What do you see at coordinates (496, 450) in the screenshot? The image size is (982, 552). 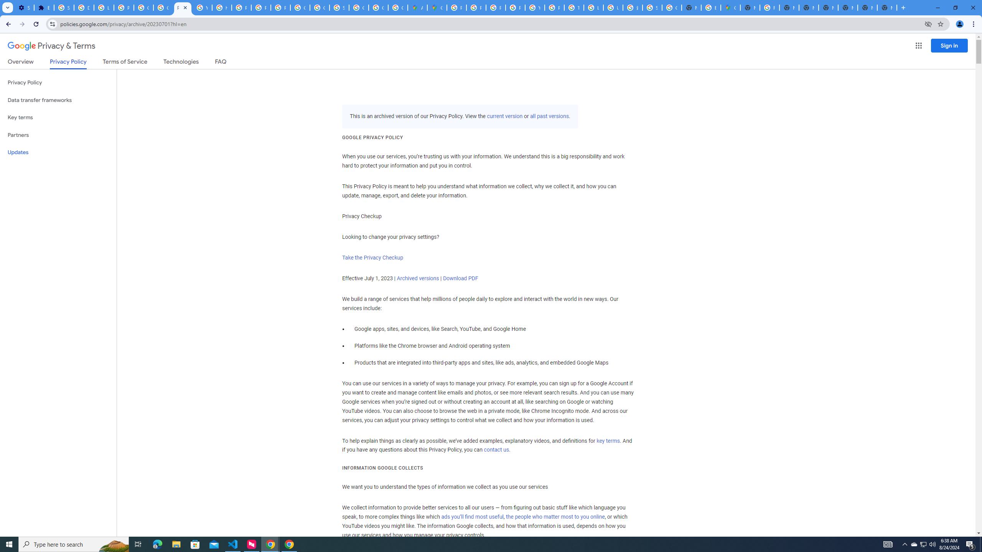 I see `'contact us'` at bounding box center [496, 450].